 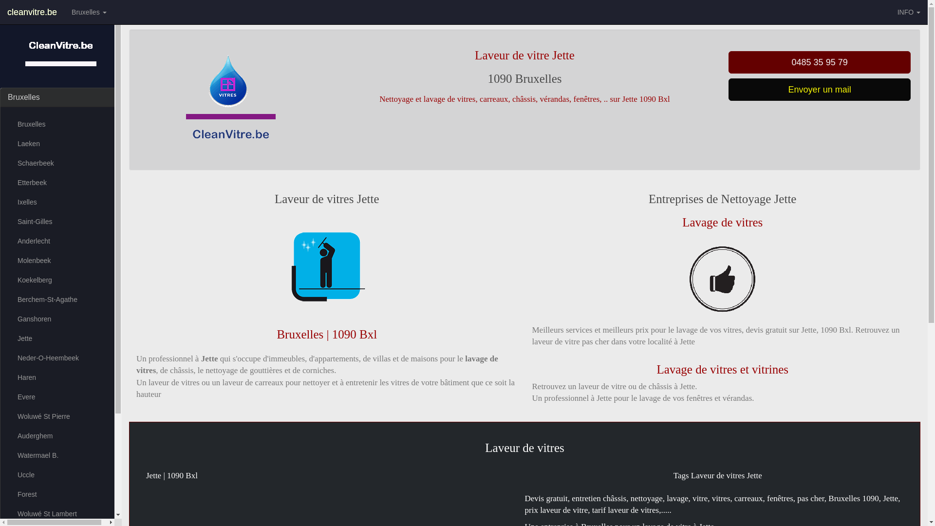 What do you see at coordinates (60, 241) in the screenshot?
I see `'Anderlecht'` at bounding box center [60, 241].